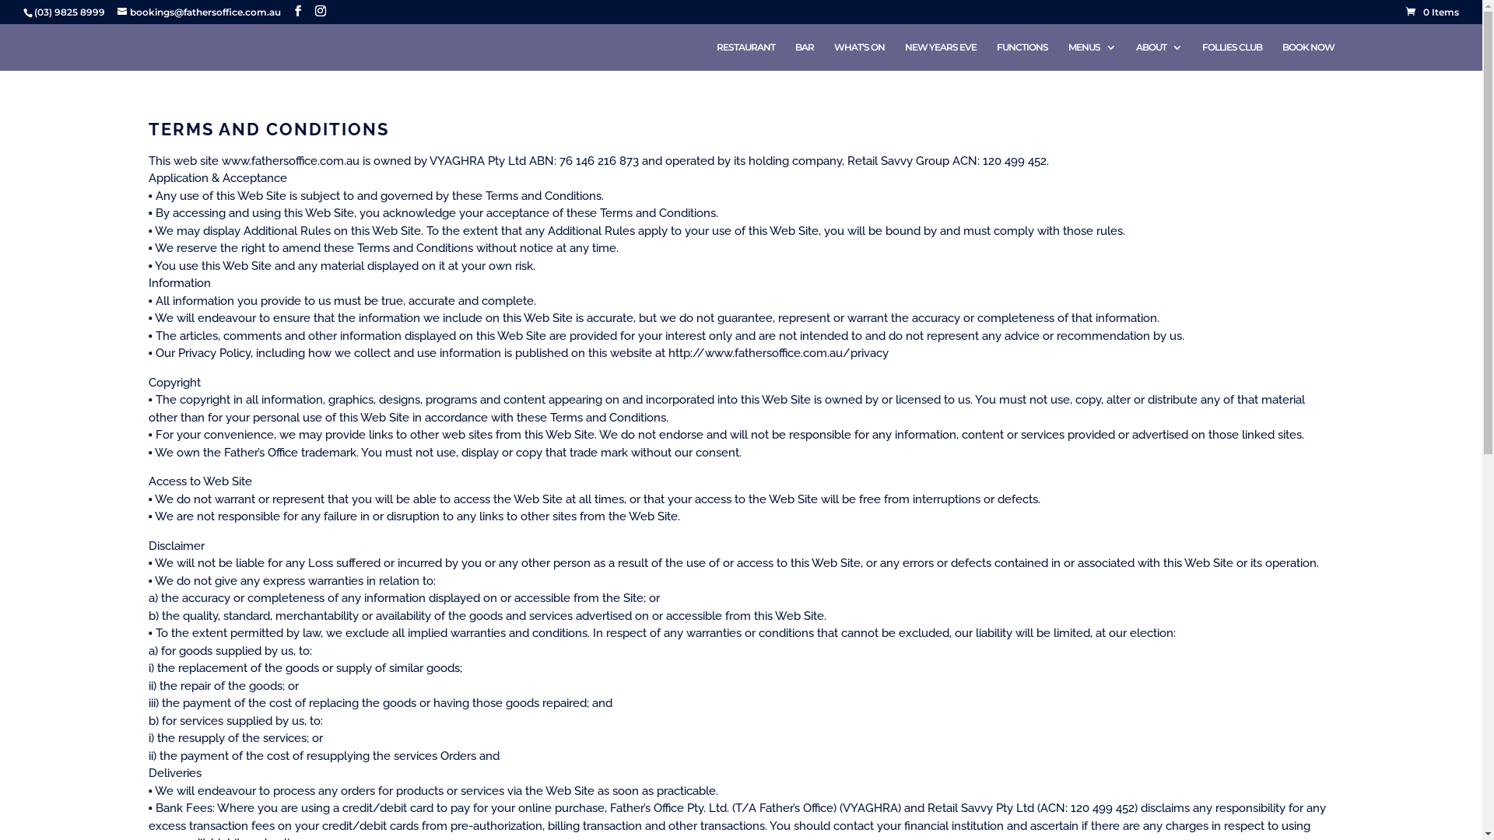 This screenshot has width=1494, height=840. Describe the element at coordinates (744, 55) in the screenshot. I see `'RESTAURANT'` at that location.